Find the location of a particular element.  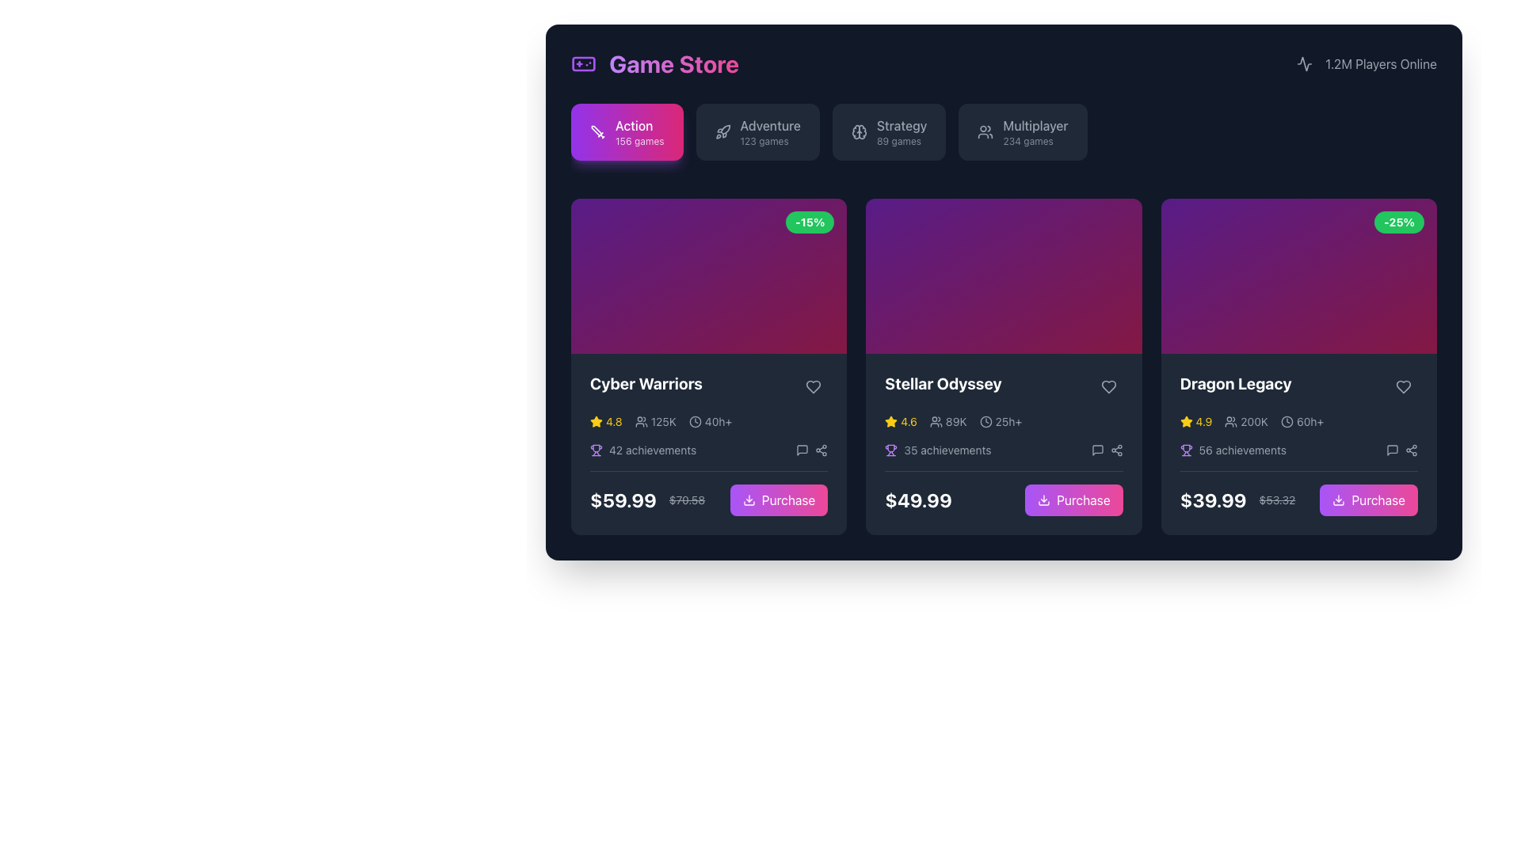

the informational element about the number of achievements available for the game 'Stellar Odyssey', located below the rating and playtime details is located at coordinates (1003, 450).